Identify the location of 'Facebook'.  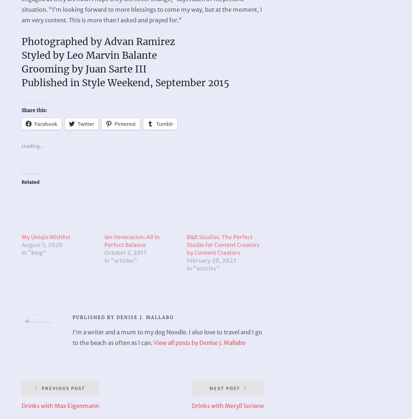
(45, 123).